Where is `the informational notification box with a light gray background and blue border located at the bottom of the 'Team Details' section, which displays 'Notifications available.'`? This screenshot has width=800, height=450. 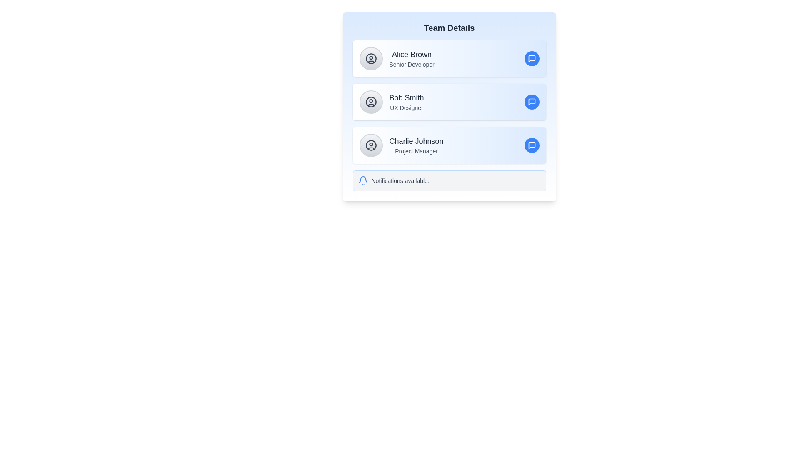
the informational notification box with a light gray background and blue border located at the bottom of the 'Team Details' section, which displays 'Notifications available.' is located at coordinates (449, 180).